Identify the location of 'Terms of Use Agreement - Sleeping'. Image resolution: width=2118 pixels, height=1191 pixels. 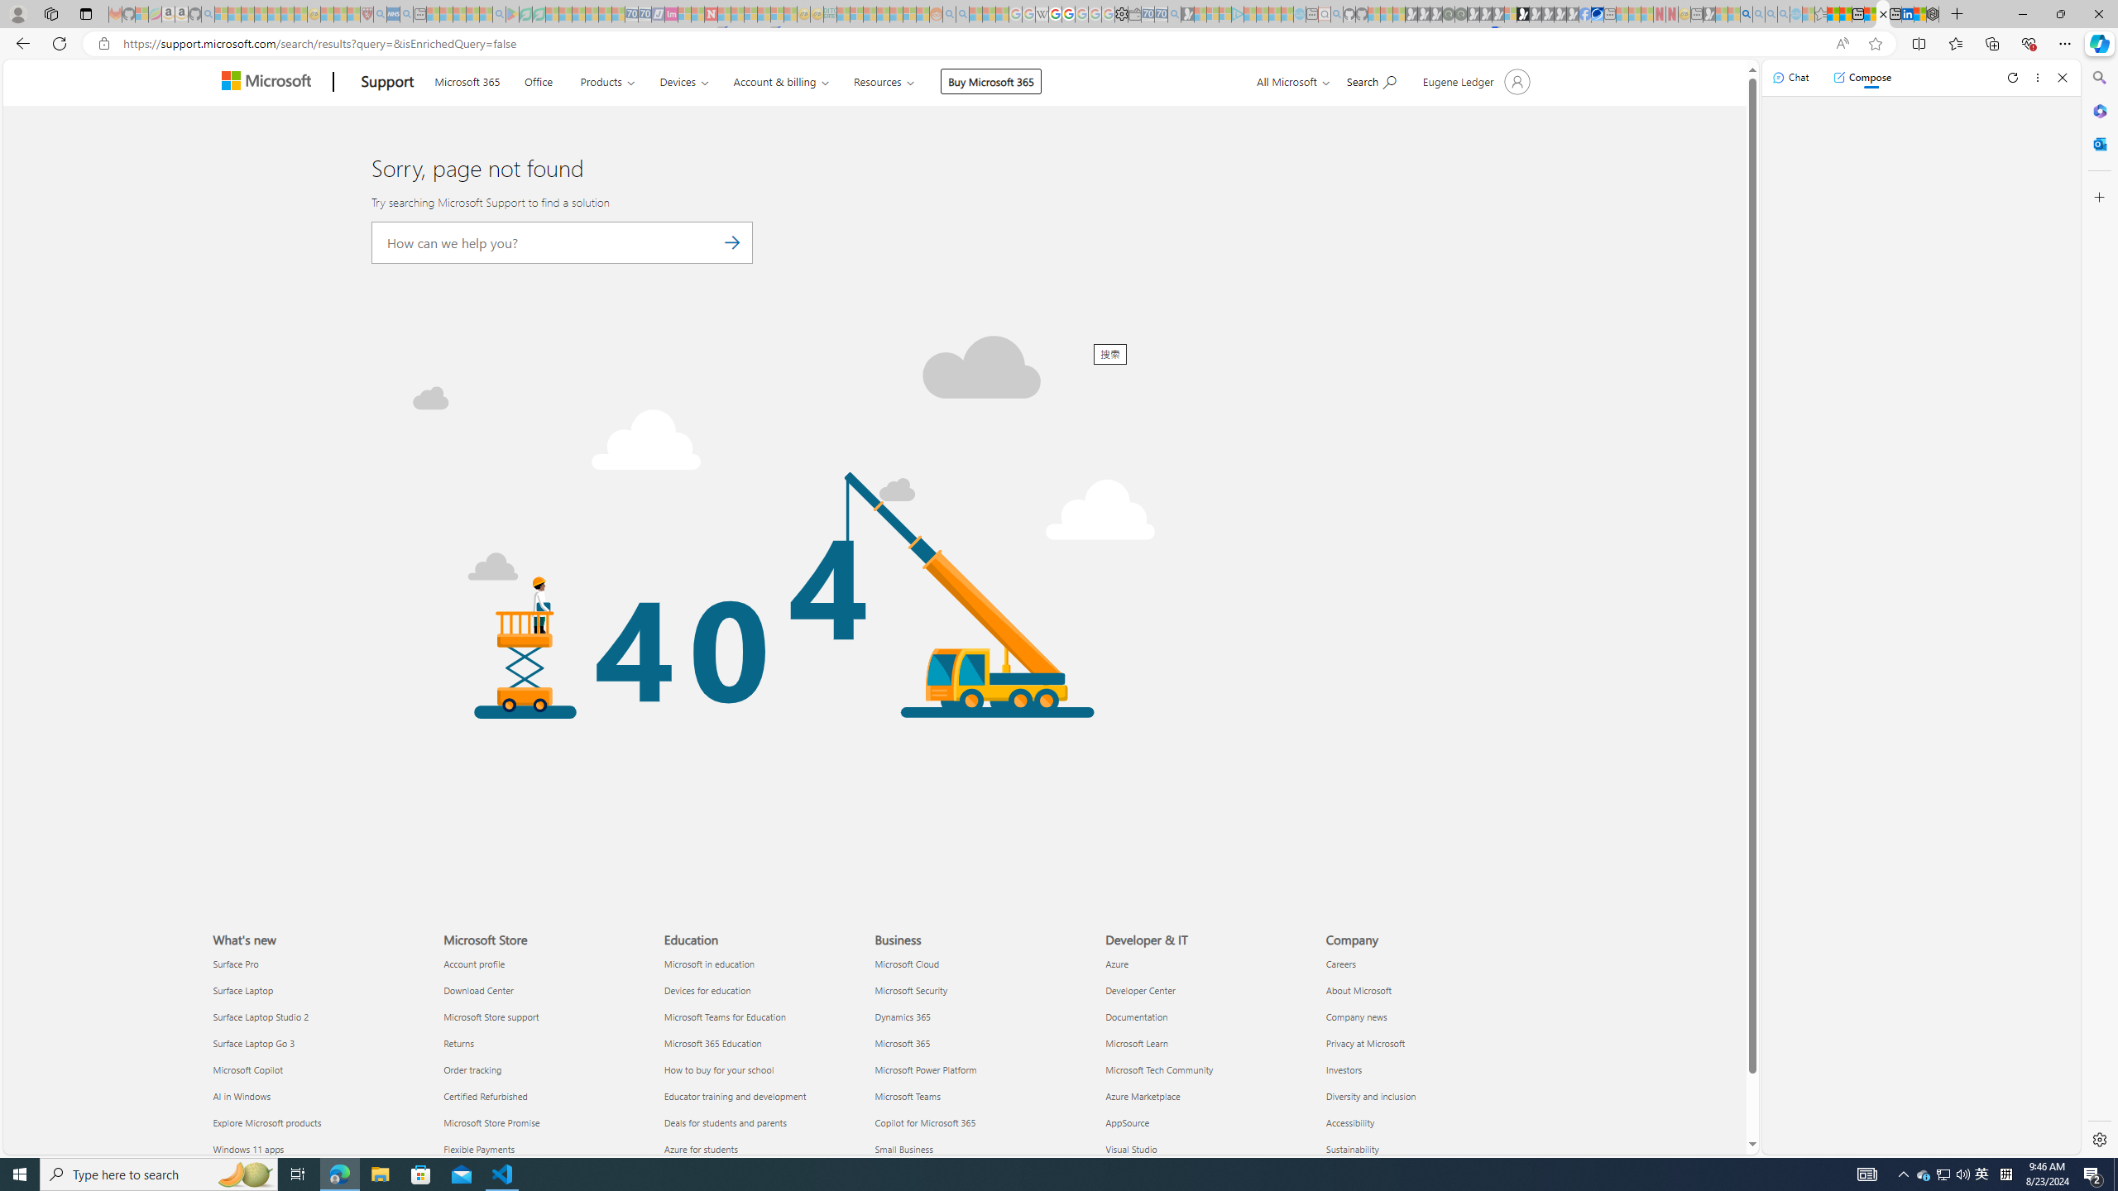
(525, 13).